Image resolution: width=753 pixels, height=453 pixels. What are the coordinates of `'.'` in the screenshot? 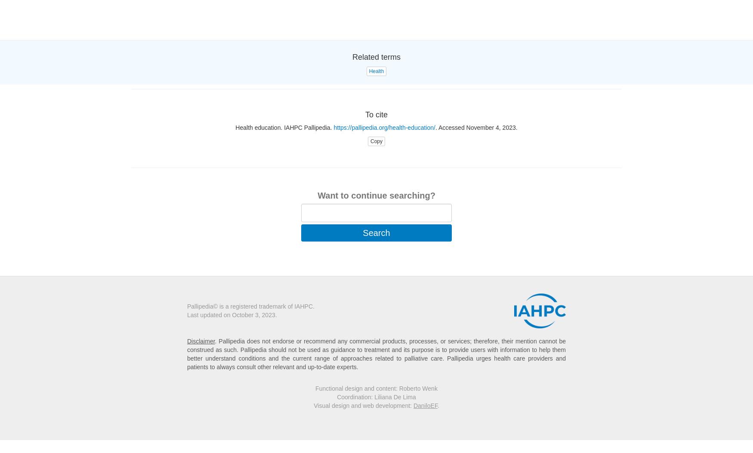 It's located at (437, 405).